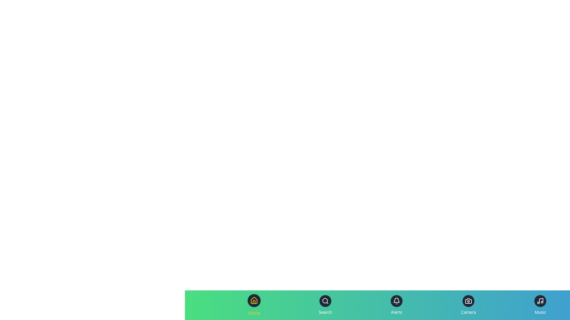  I want to click on the vertically aligned music button, which has a music symbol icon above the label 'Music', so click(540, 305).